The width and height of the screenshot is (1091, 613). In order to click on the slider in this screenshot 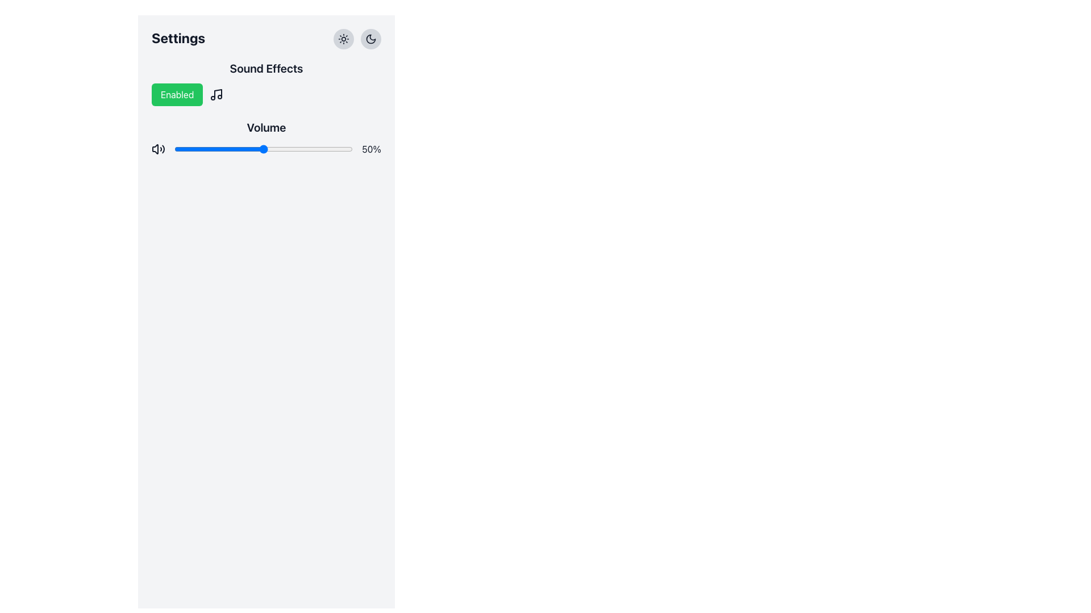, I will do `click(224, 148)`.